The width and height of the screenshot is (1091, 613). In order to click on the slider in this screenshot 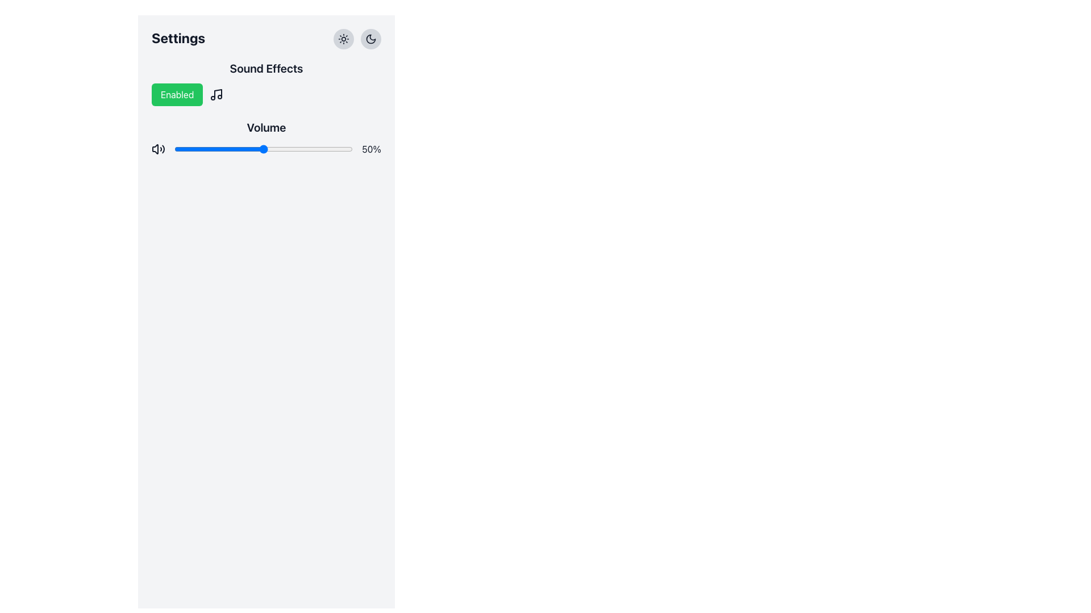, I will do `click(224, 148)`.